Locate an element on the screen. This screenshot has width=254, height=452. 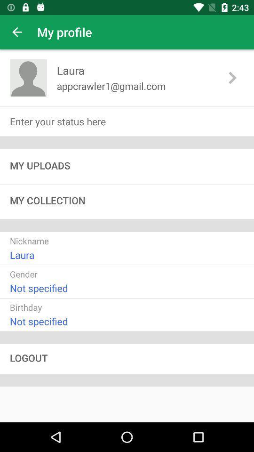
my collection item is located at coordinates (127, 202).